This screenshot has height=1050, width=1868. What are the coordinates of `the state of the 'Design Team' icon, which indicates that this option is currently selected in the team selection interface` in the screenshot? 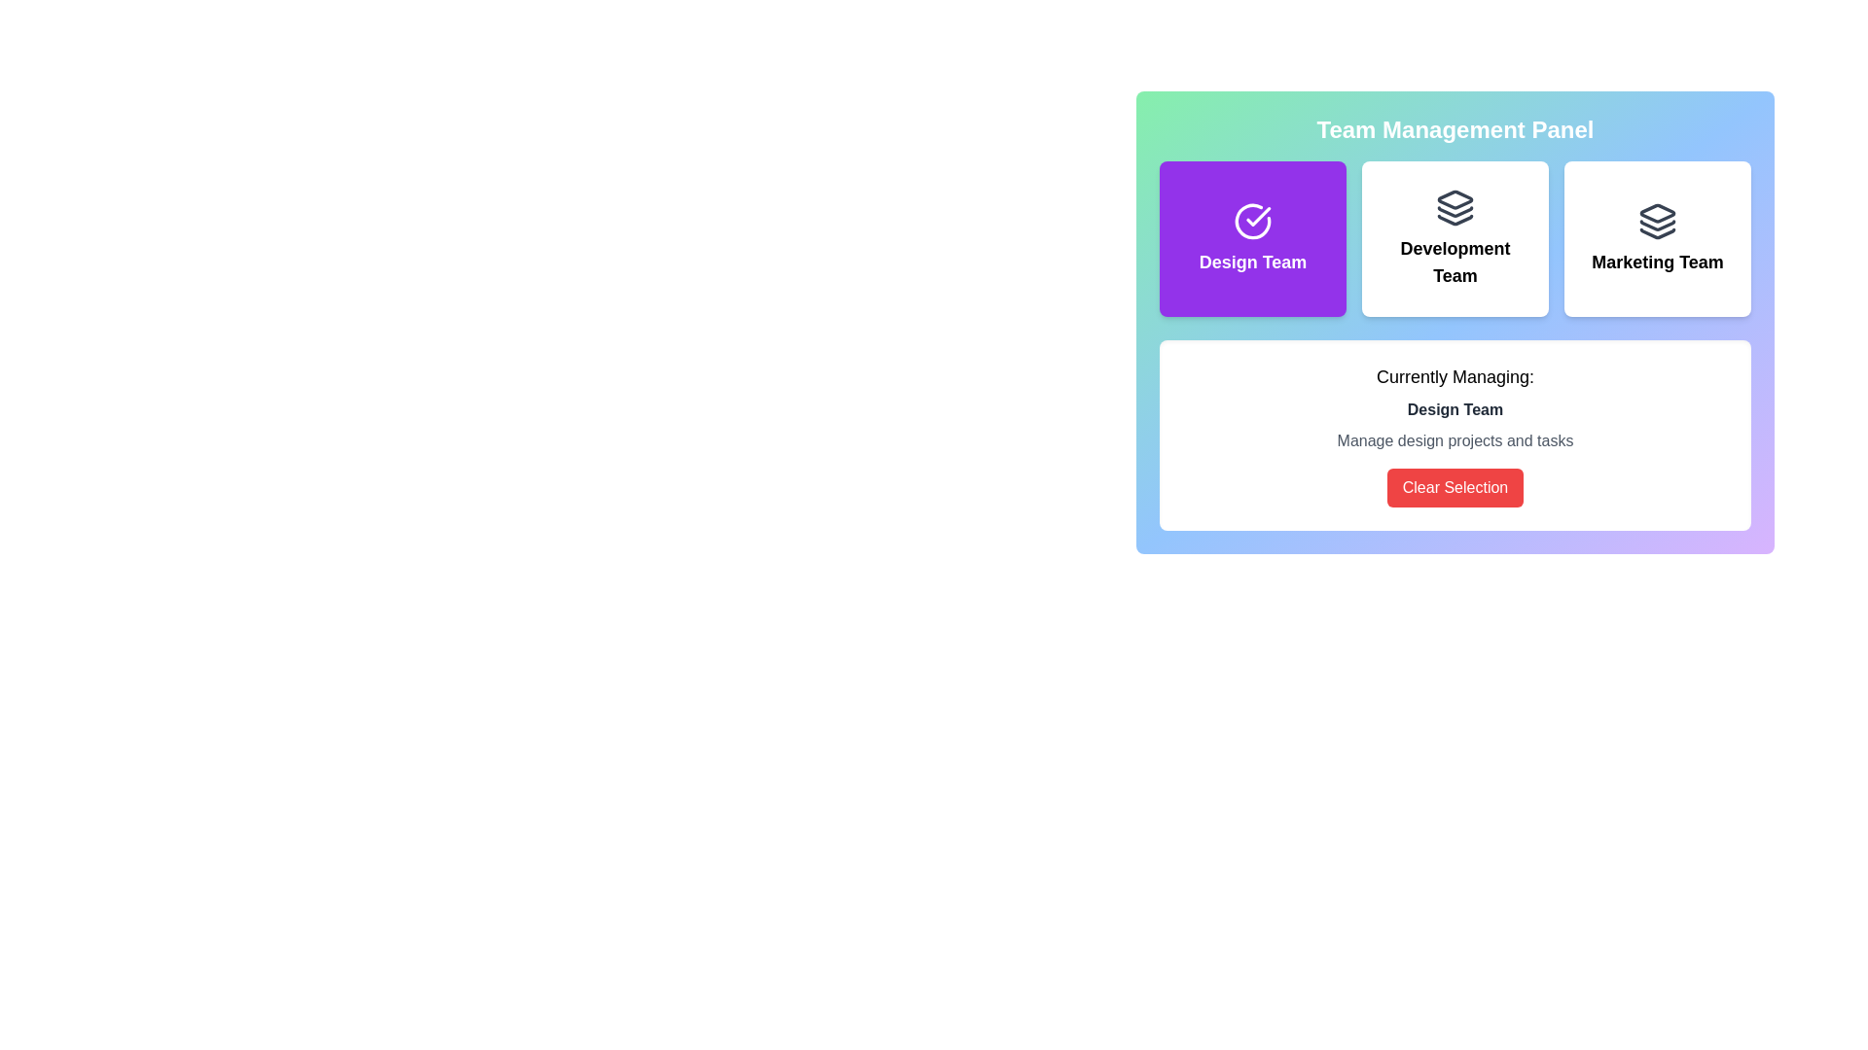 It's located at (1258, 217).